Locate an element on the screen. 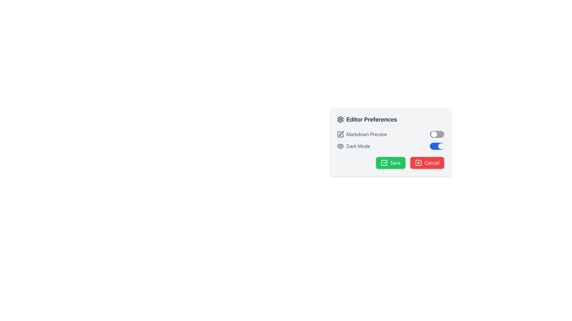 Image resolution: width=572 pixels, height=321 pixels. the gear-shaped icon located to the left of the 'Editor Preferences' title within the settings dialog box is located at coordinates (340, 119).